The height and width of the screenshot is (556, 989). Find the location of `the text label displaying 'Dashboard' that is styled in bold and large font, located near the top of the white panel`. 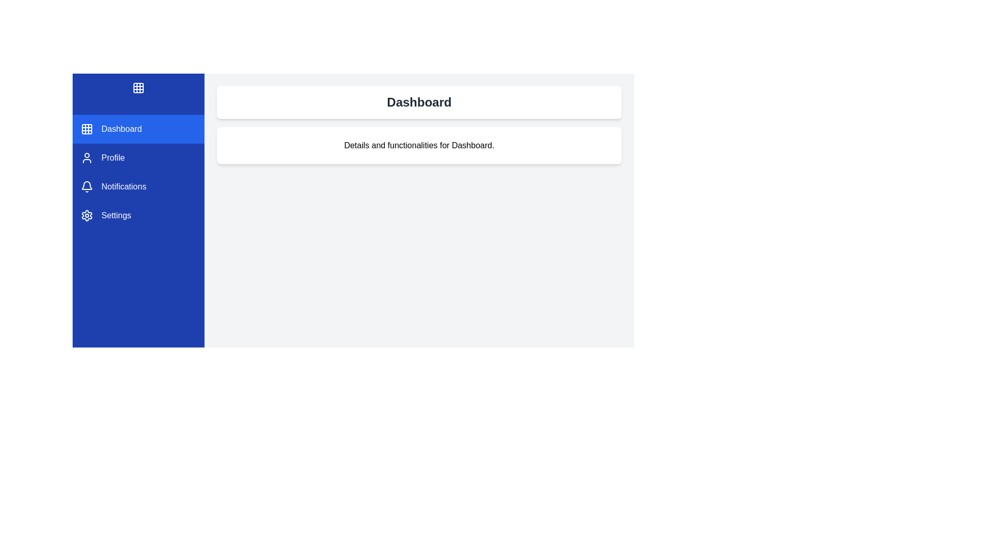

the text label displaying 'Dashboard' that is styled in bold and large font, located near the top of the white panel is located at coordinates (419, 102).